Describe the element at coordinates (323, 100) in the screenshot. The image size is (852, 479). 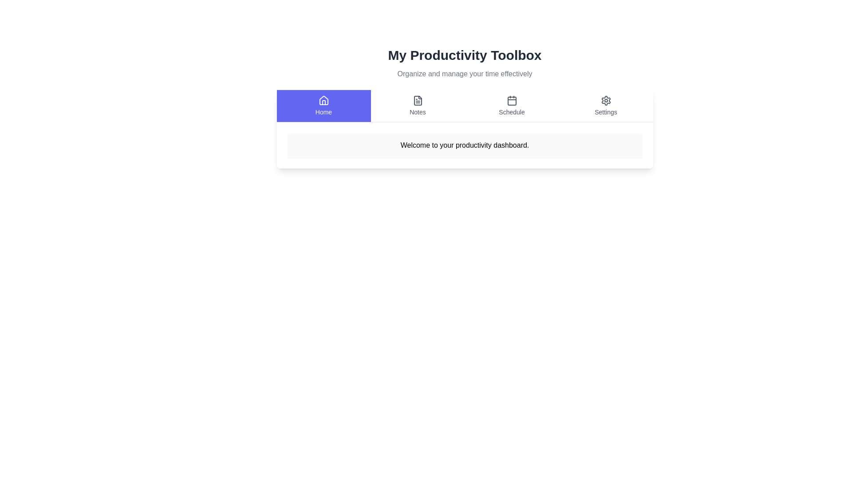
I see `the stylized house icon in the 'Home' tab of the top navigation bar, which is characterized by its white color and purple square background` at that location.